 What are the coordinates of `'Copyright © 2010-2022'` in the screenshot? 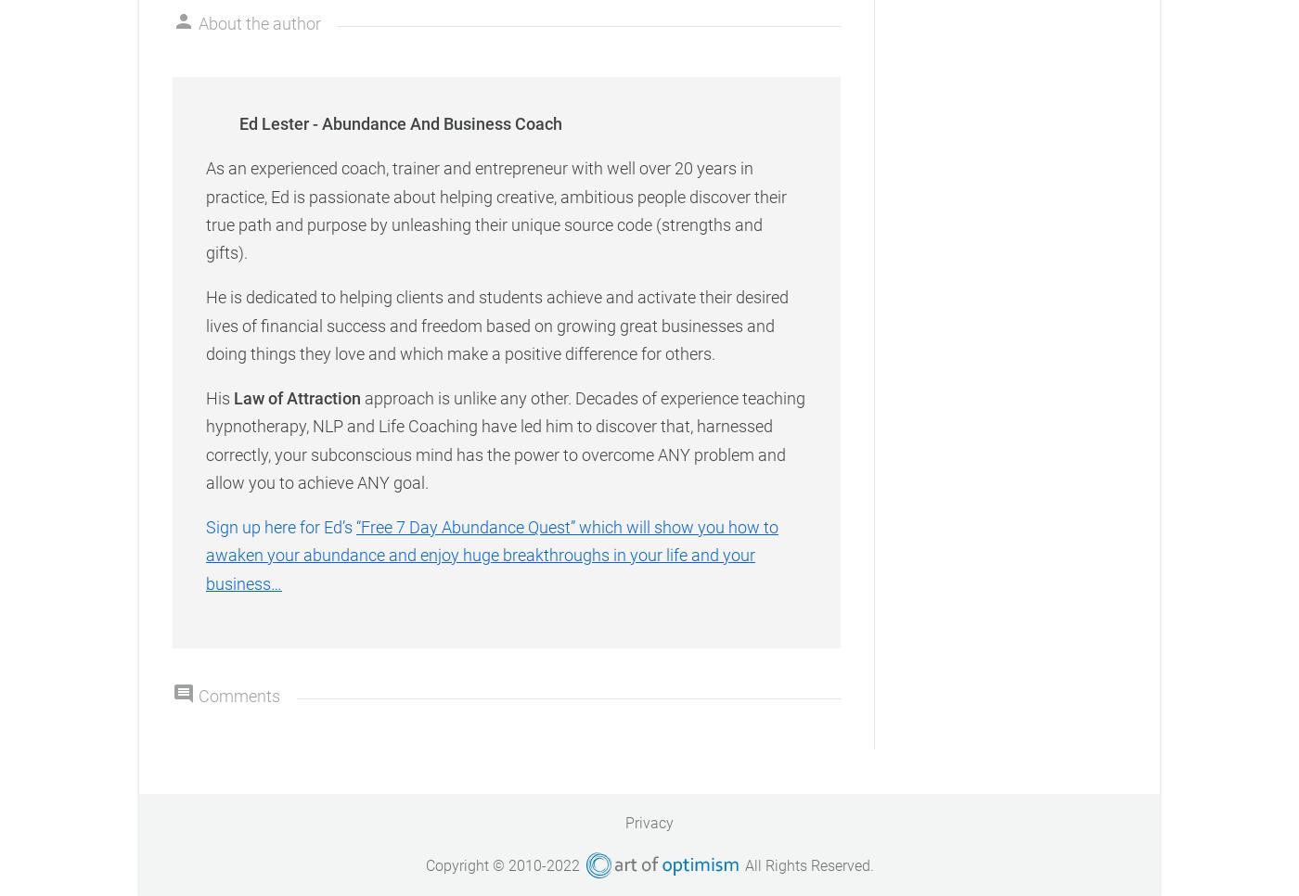 It's located at (423, 864).